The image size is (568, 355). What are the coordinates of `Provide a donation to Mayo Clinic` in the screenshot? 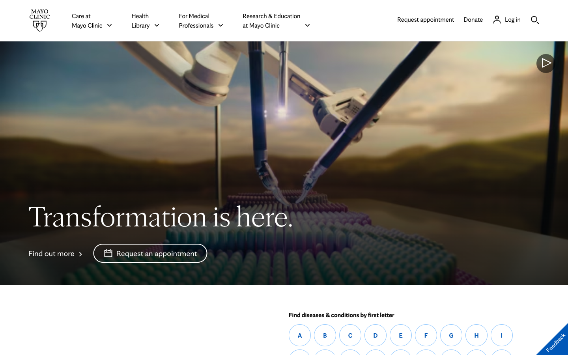 It's located at (473, 19).